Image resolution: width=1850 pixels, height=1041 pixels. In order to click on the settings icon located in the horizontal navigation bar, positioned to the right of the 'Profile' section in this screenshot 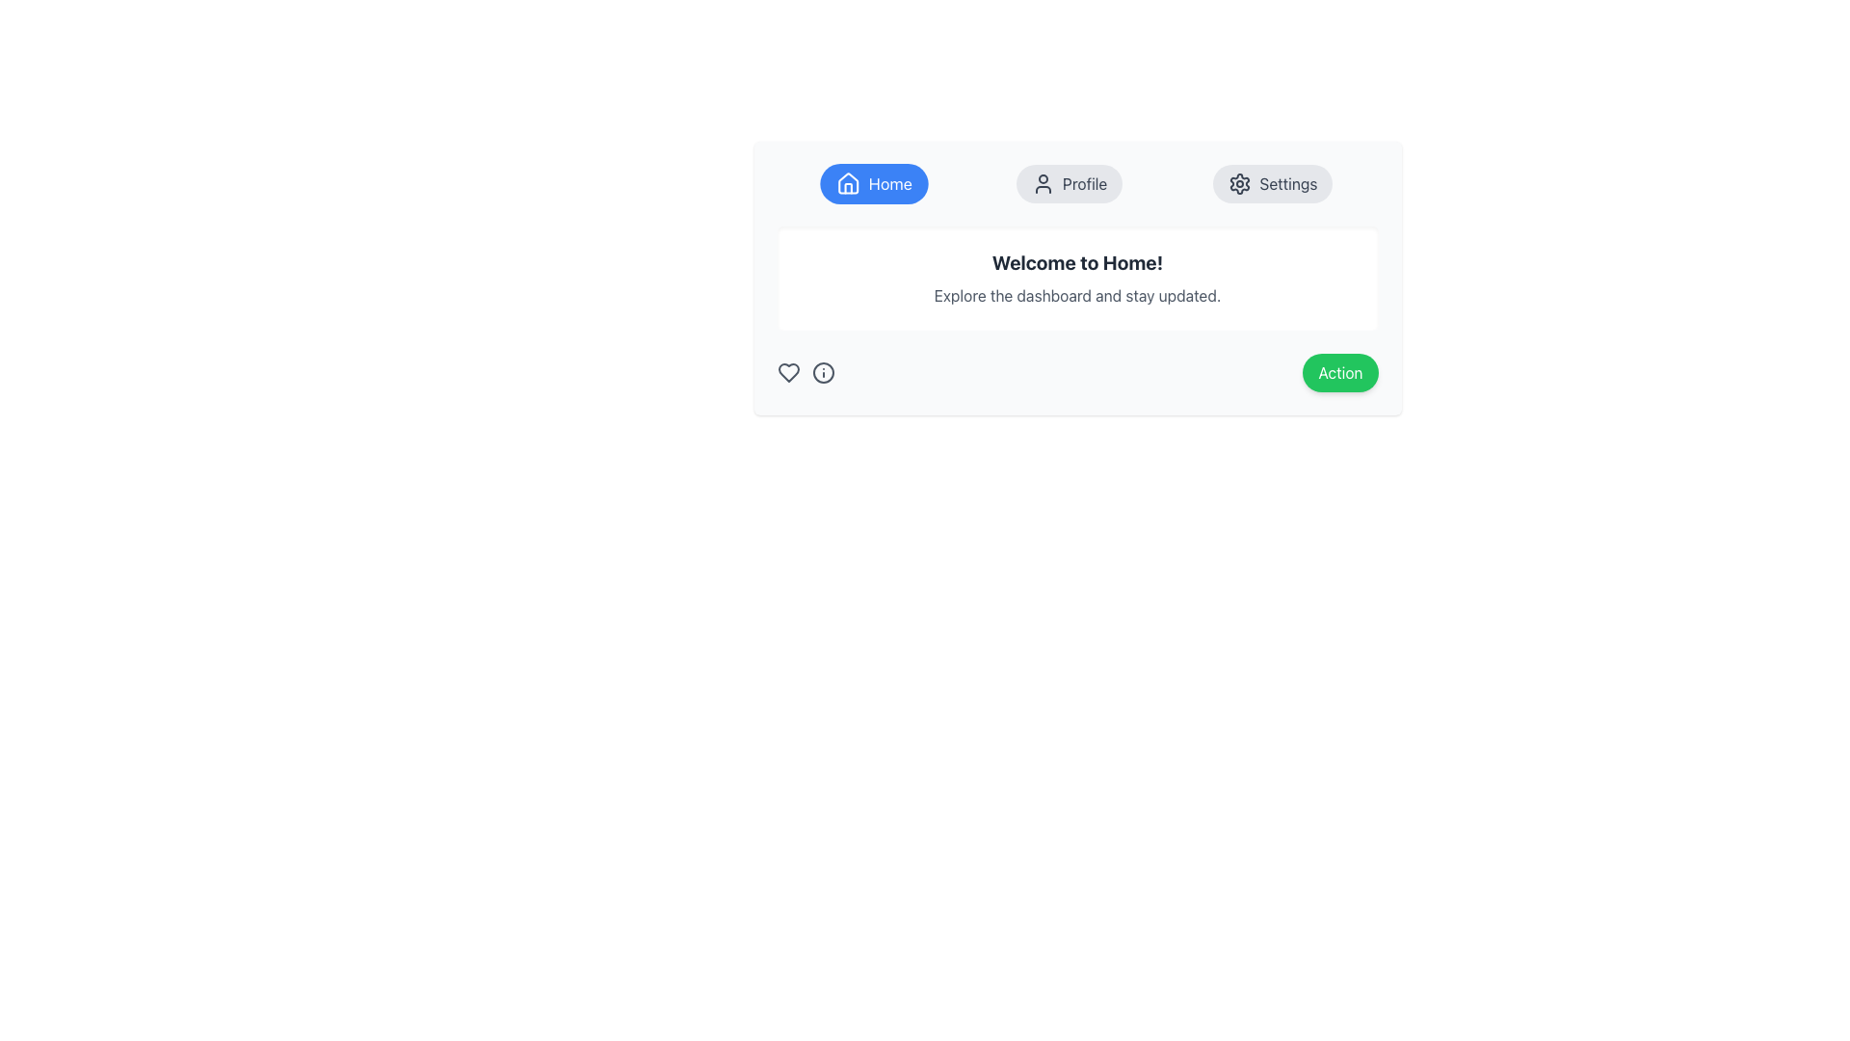, I will do `click(1240, 184)`.